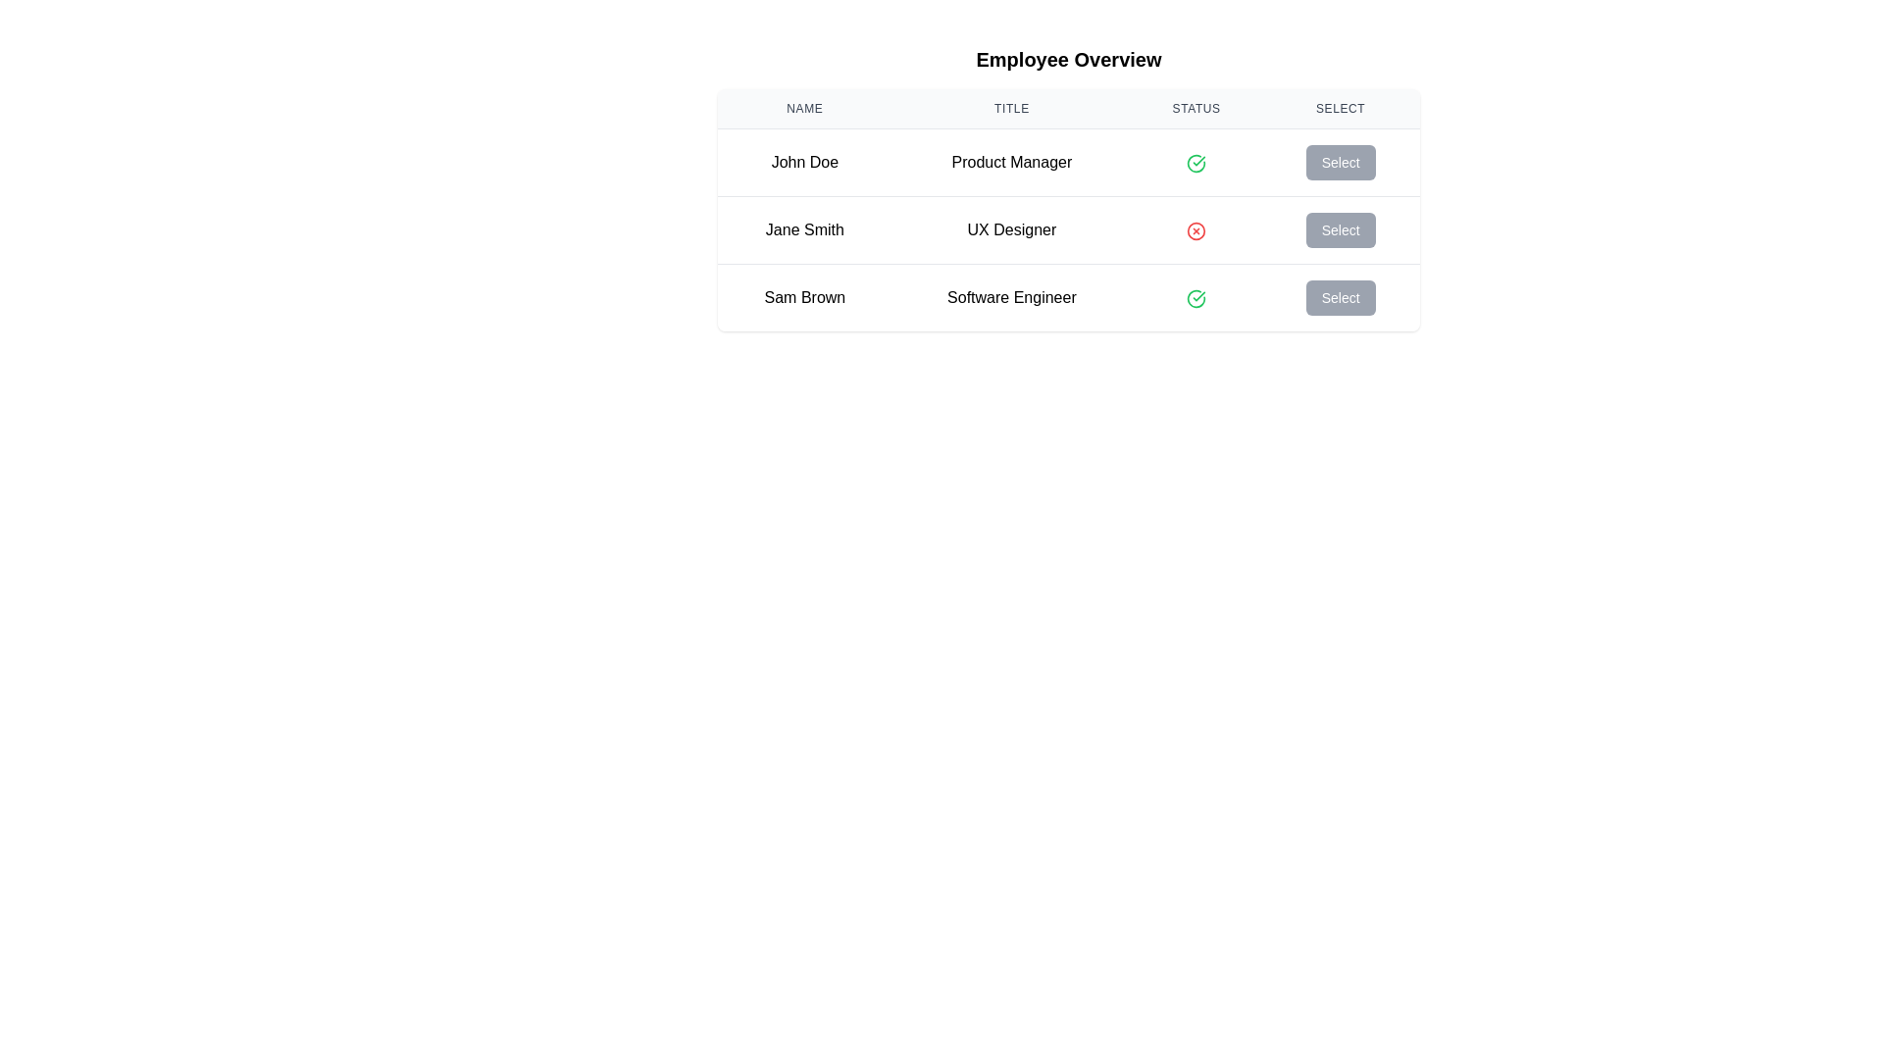  What do you see at coordinates (1196, 162) in the screenshot?
I see `the circular green SVG graphic with a checkmark pattern located in the 'STATUS' column for the 'Sam Brown' row` at bounding box center [1196, 162].